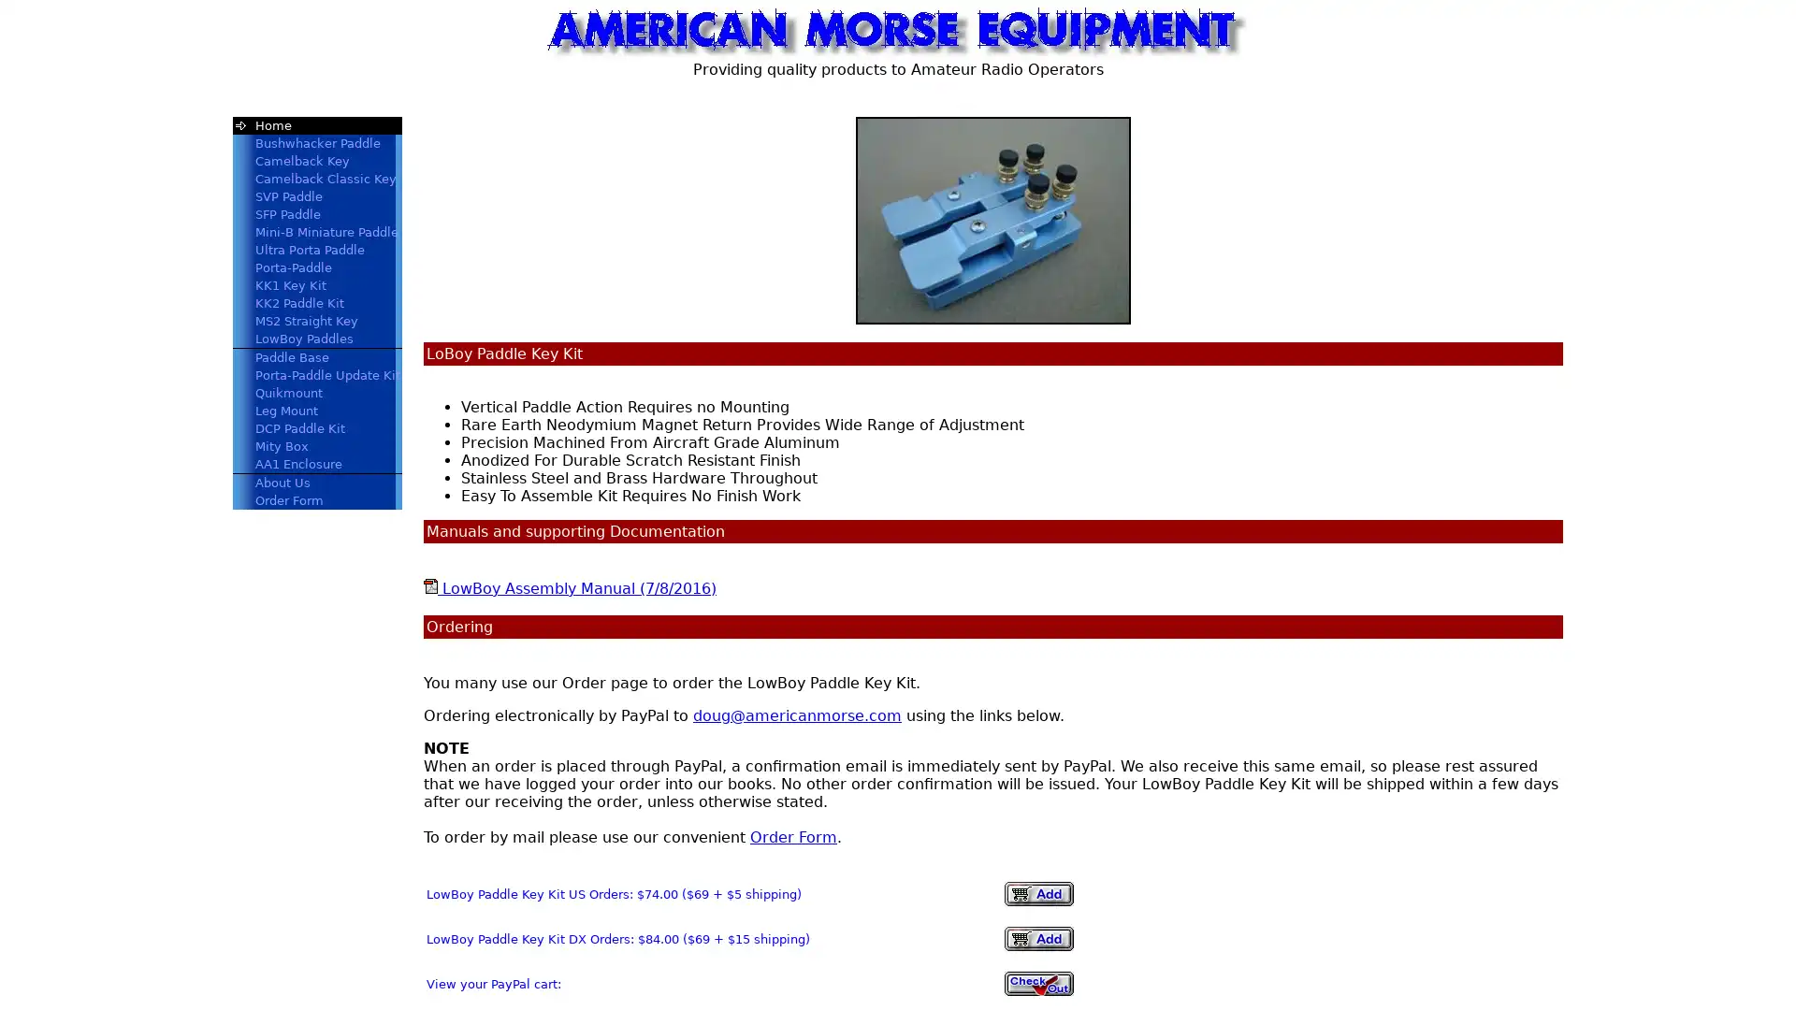 The height and width of the screenshot is (1010, 1796). What do you see at coordinates (1037, 938) in the screenshot?
I see `Make payments with PayPal - it's fast, free and secure!` at bounding box center [1037, 938].